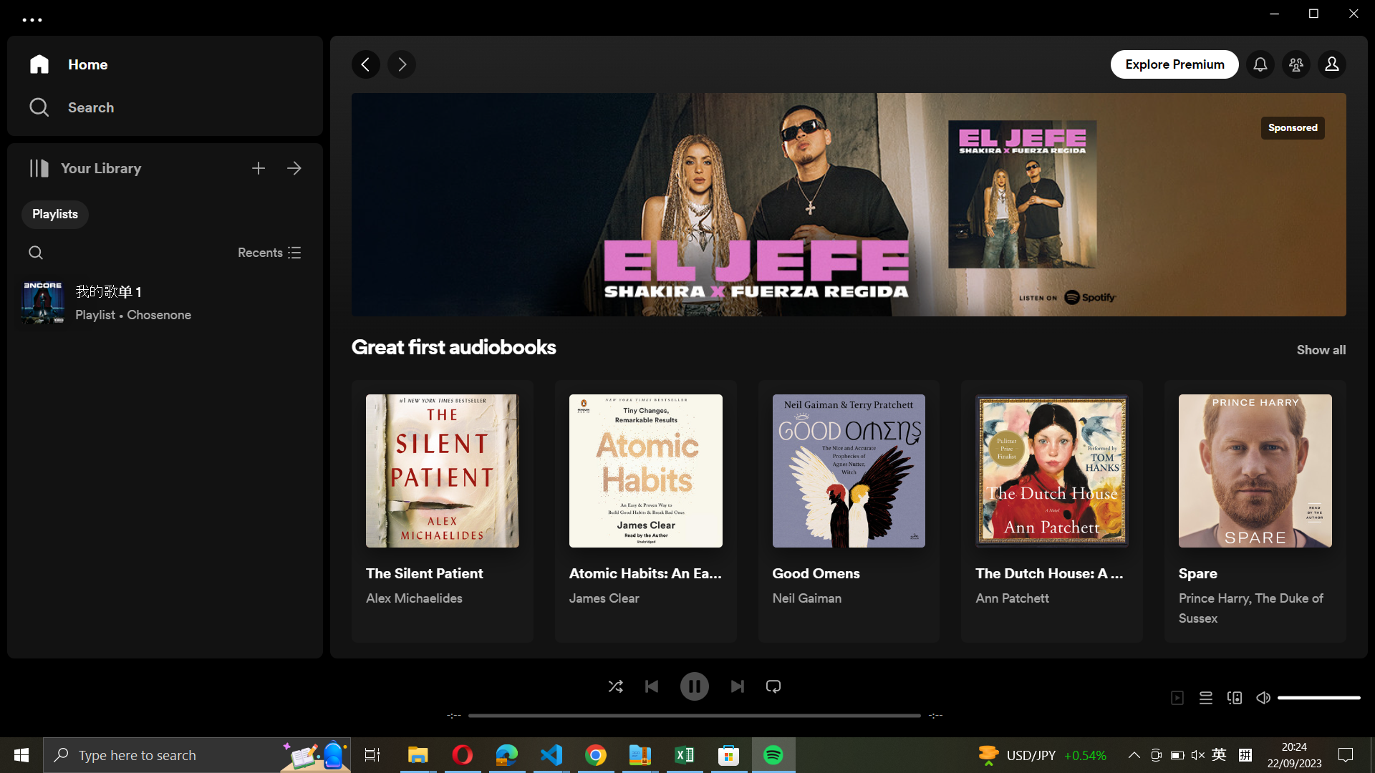 This screenshot has width=1375, height=773. I want to click on Incorporate the audioversion of "Silent Patient" into your digital book collection, so click(441, 511).